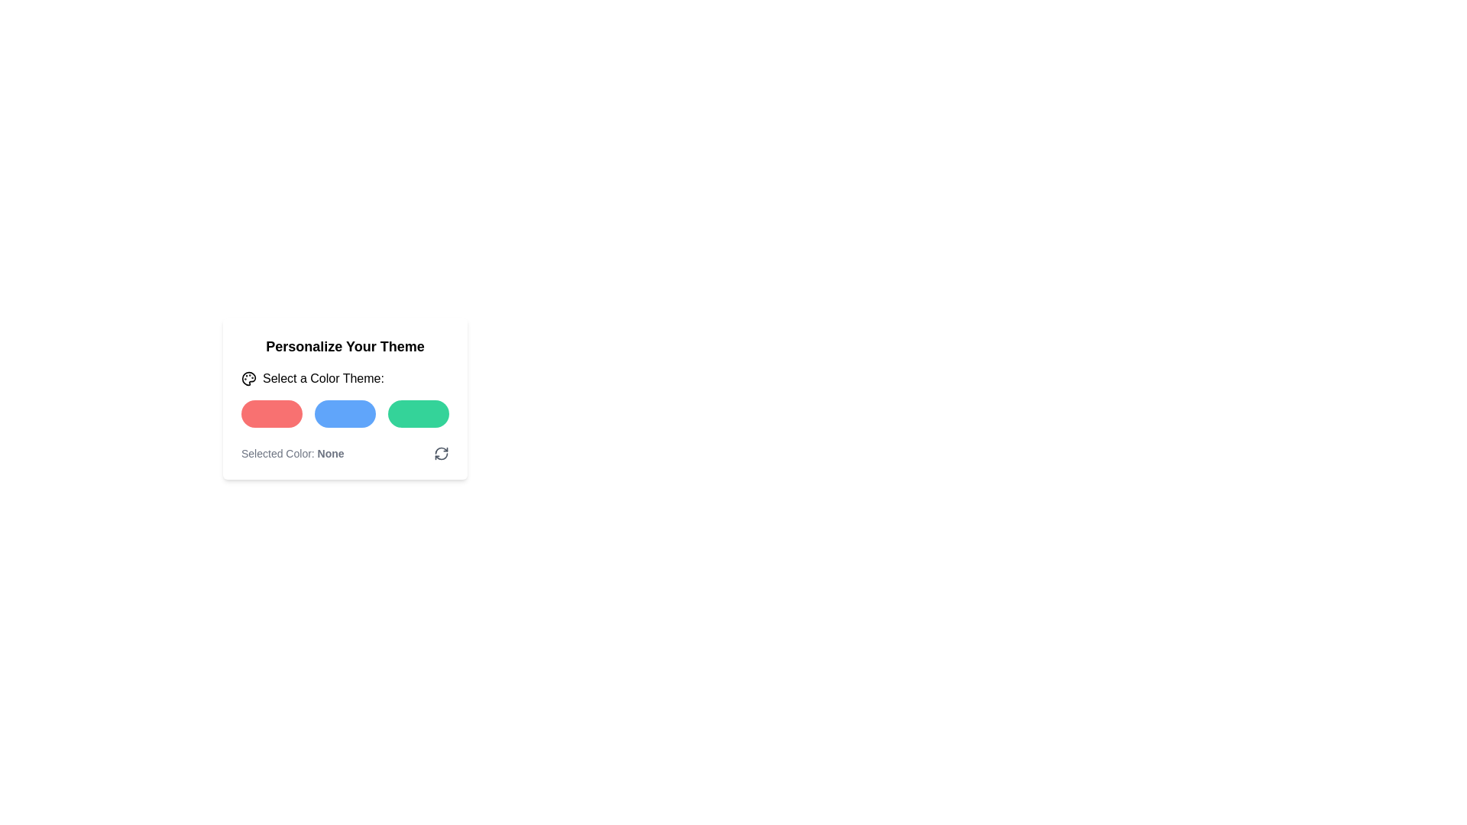  I want to click on the green color option button, which is a rounded rectangle with a green background located at the bottom center of the interface under the 'Select a Color Theme' section, so click(418, 414).